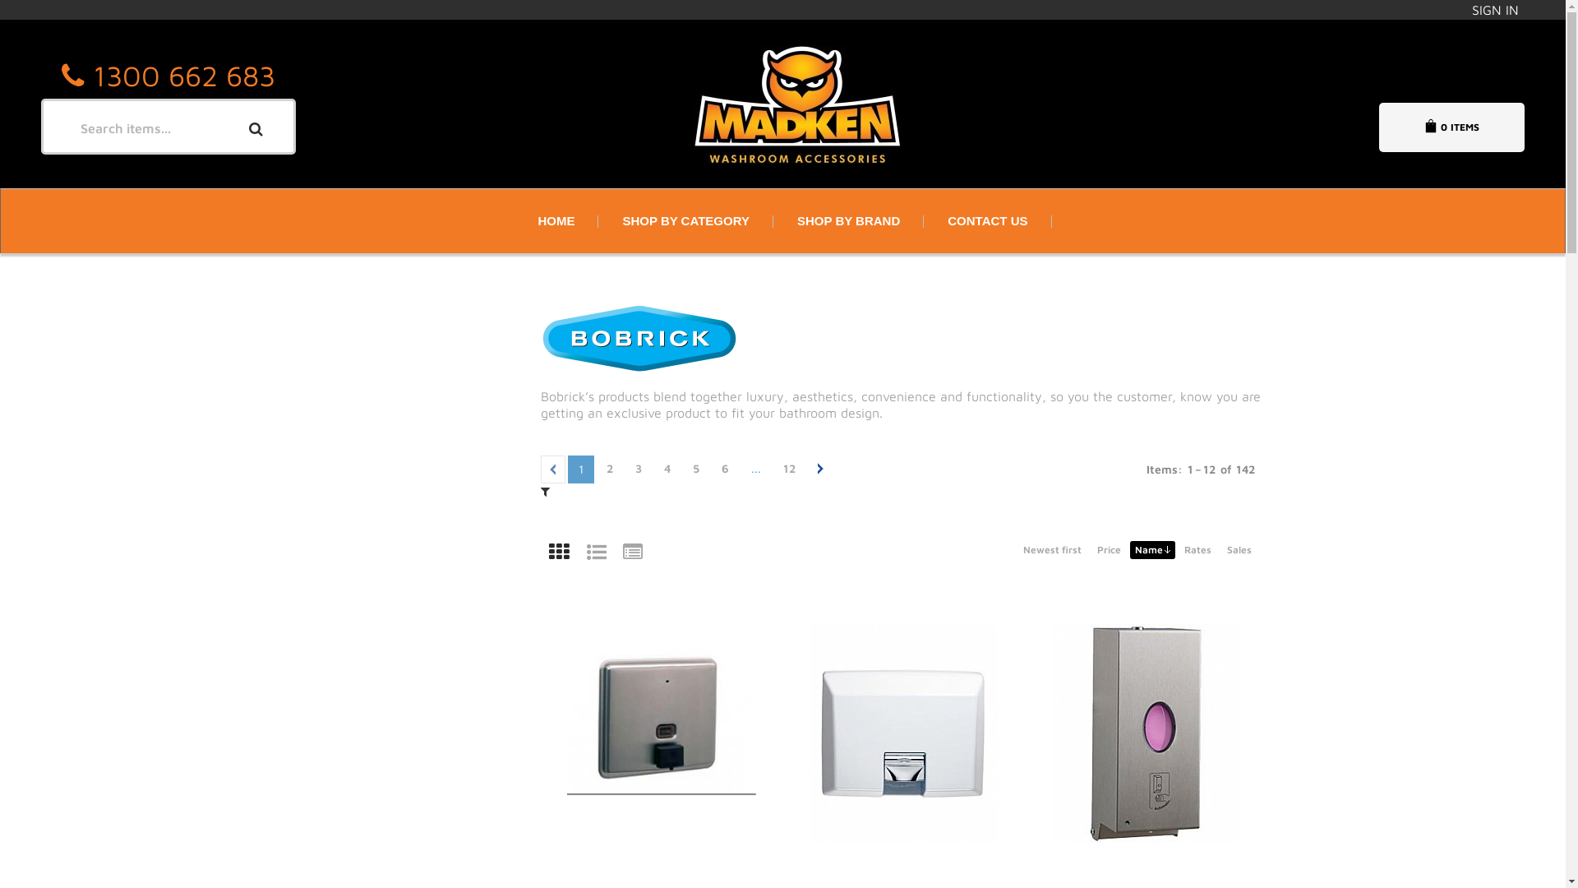  I want to click on 'Table', so click(615, 552).